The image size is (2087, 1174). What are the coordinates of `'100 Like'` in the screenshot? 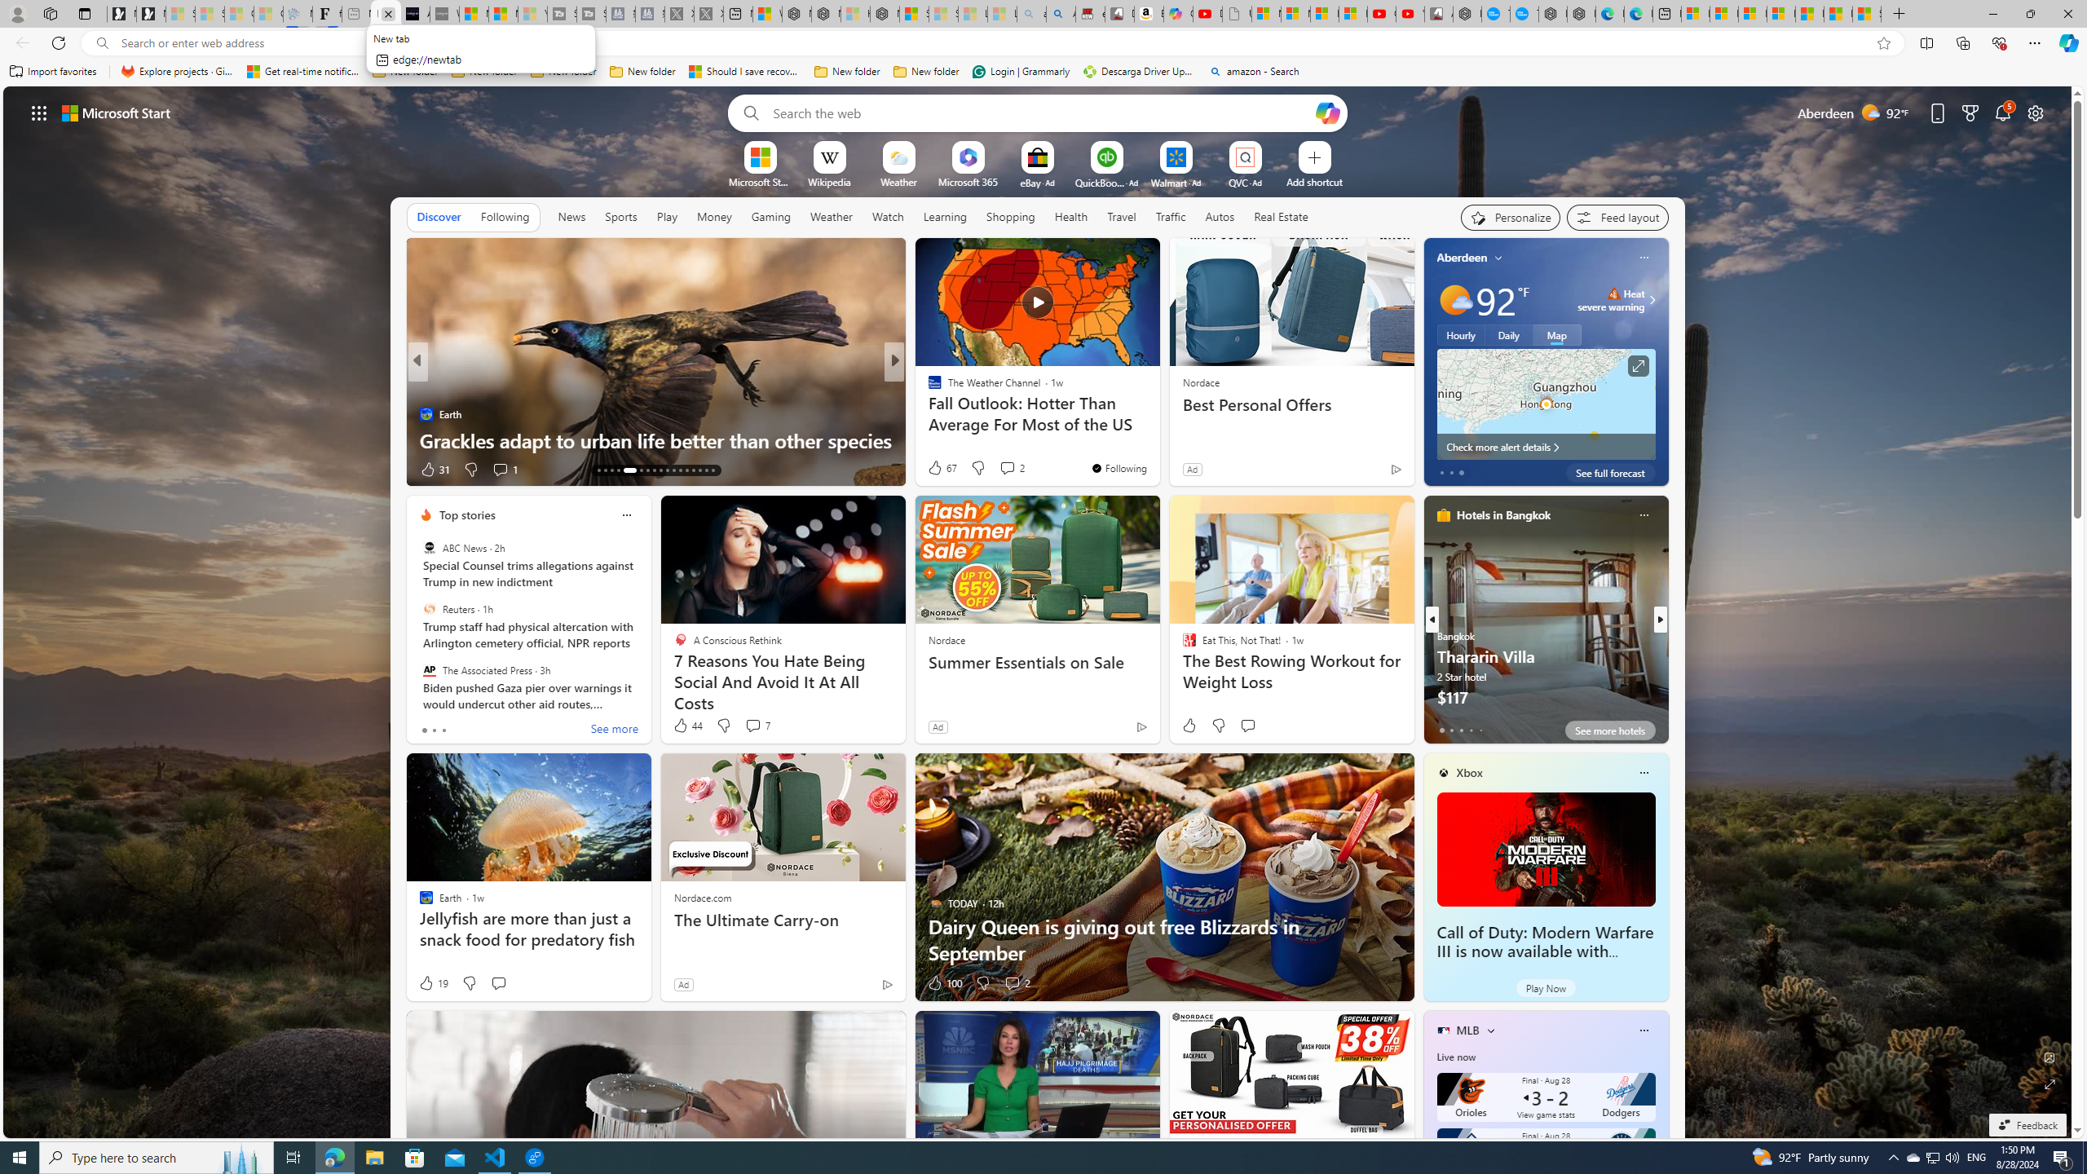 It's located at (943, 983).